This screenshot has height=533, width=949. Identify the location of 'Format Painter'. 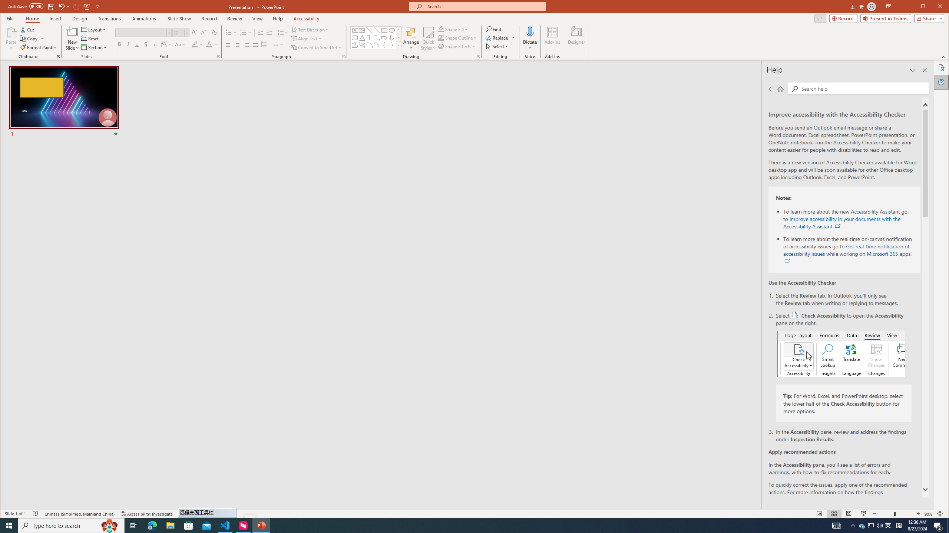
(38, 47).